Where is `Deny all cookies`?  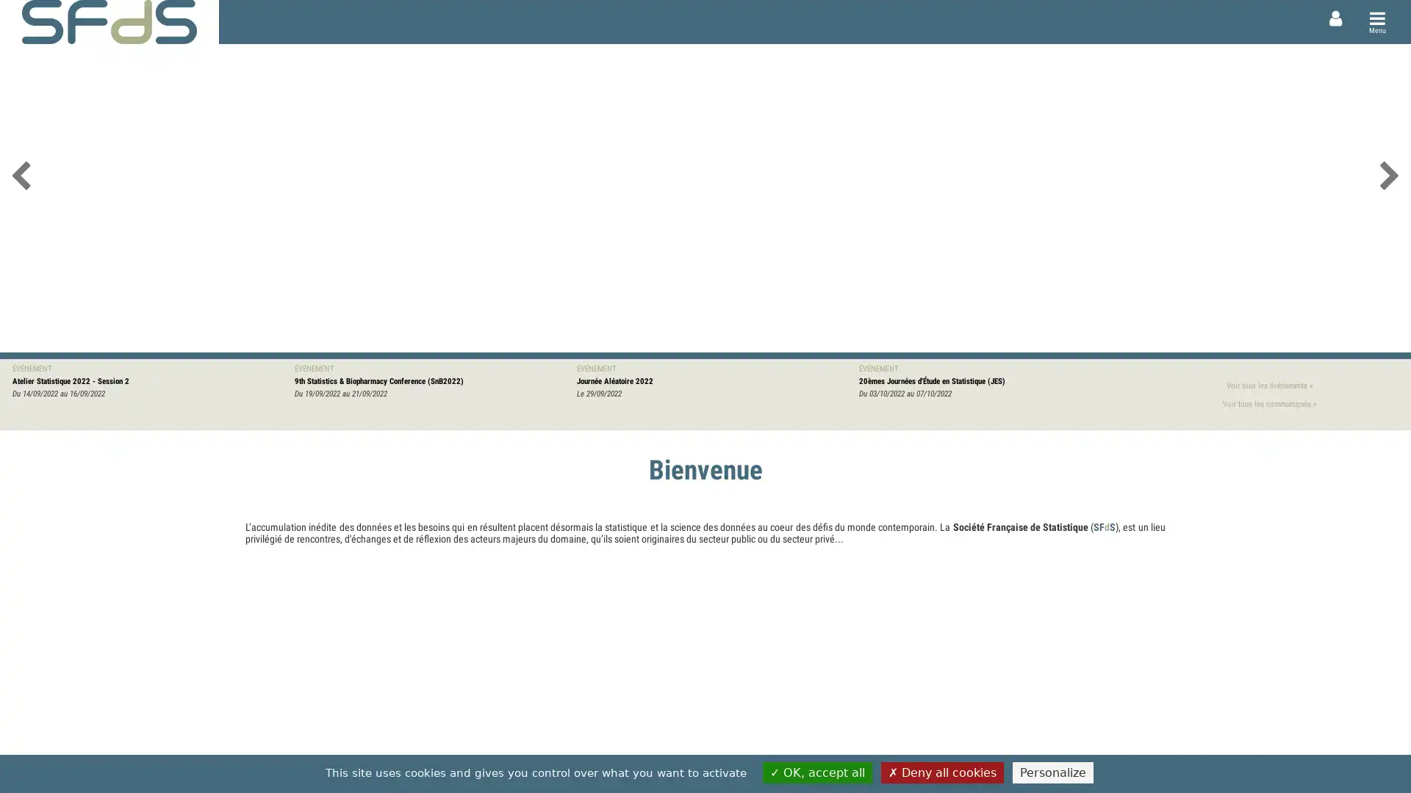 Deny all cookies is located at coordinates (941, 772).